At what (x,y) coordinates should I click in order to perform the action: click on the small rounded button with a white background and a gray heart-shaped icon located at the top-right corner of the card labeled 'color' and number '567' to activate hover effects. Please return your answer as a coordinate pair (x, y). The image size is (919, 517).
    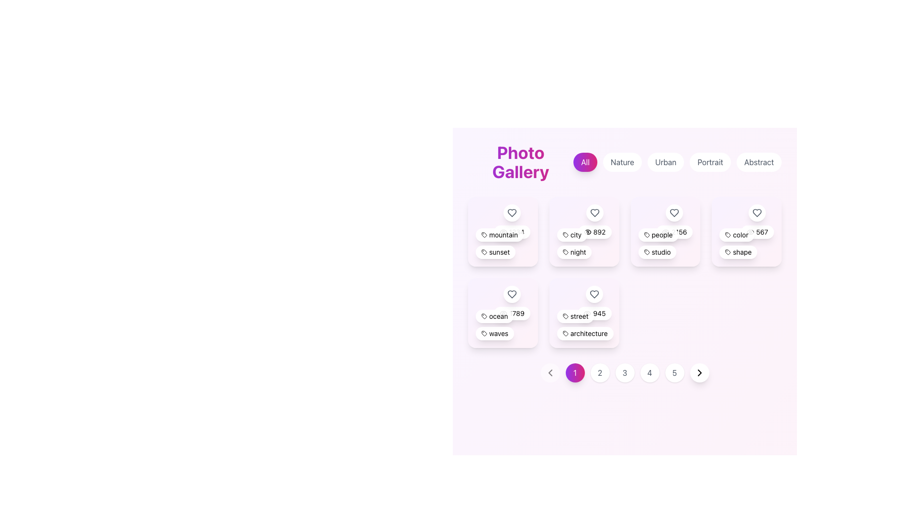
    Looking at the image, I should click on (757, 212).